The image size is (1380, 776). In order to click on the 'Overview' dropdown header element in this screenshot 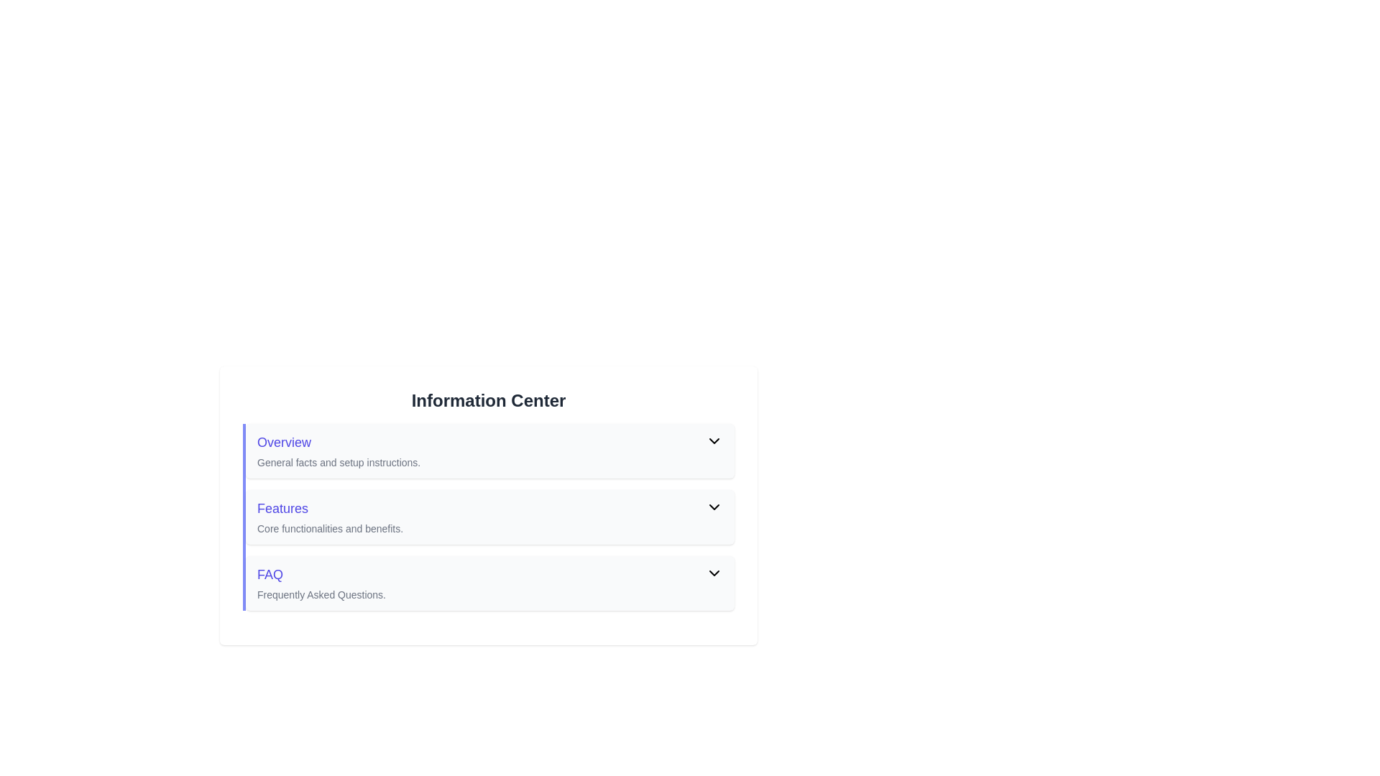, I will do `click(489, 451)`.